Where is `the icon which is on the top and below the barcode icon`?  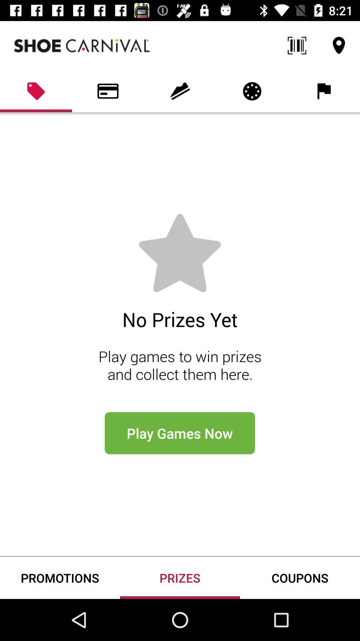
the icon which is on the top and below the barcode icon is located at coordinates (252, 91).